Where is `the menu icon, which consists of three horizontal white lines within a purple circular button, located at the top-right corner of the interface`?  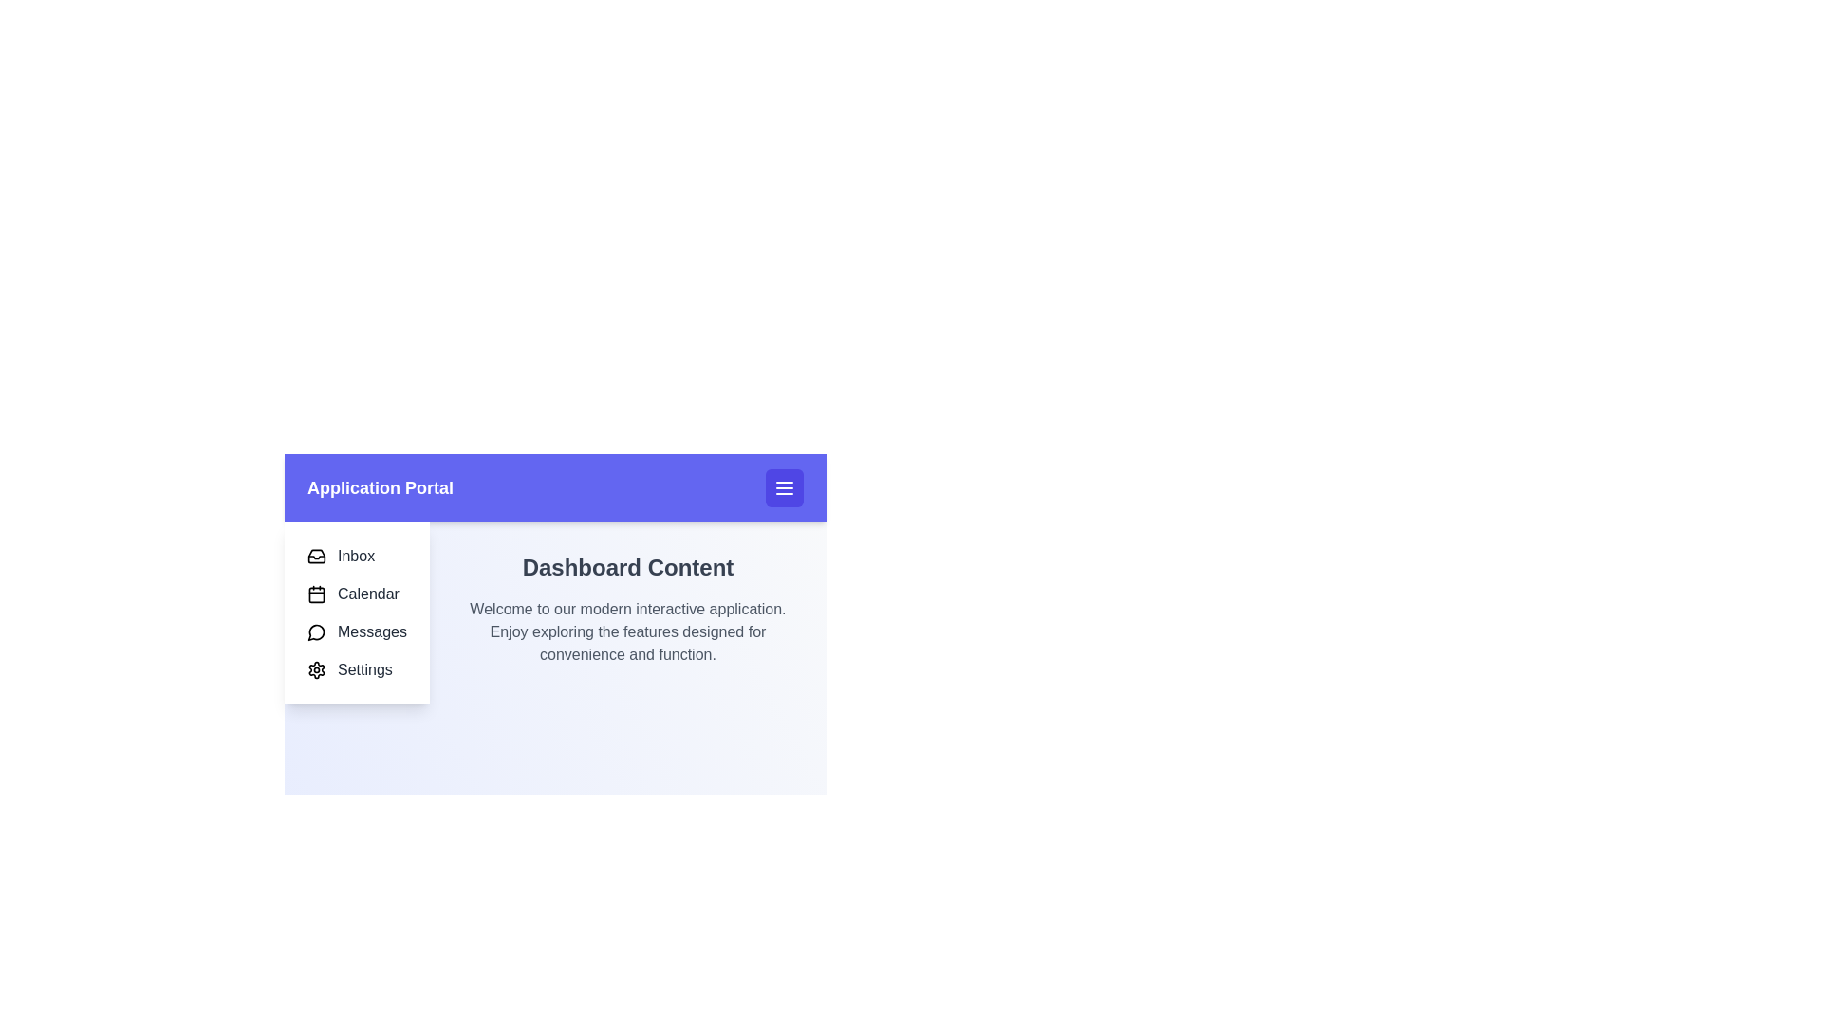
the menu icon, which consists of three horizontal white lines within a purple circular button, located at the top-right corner of the interface is located at coordinates (784, 487).